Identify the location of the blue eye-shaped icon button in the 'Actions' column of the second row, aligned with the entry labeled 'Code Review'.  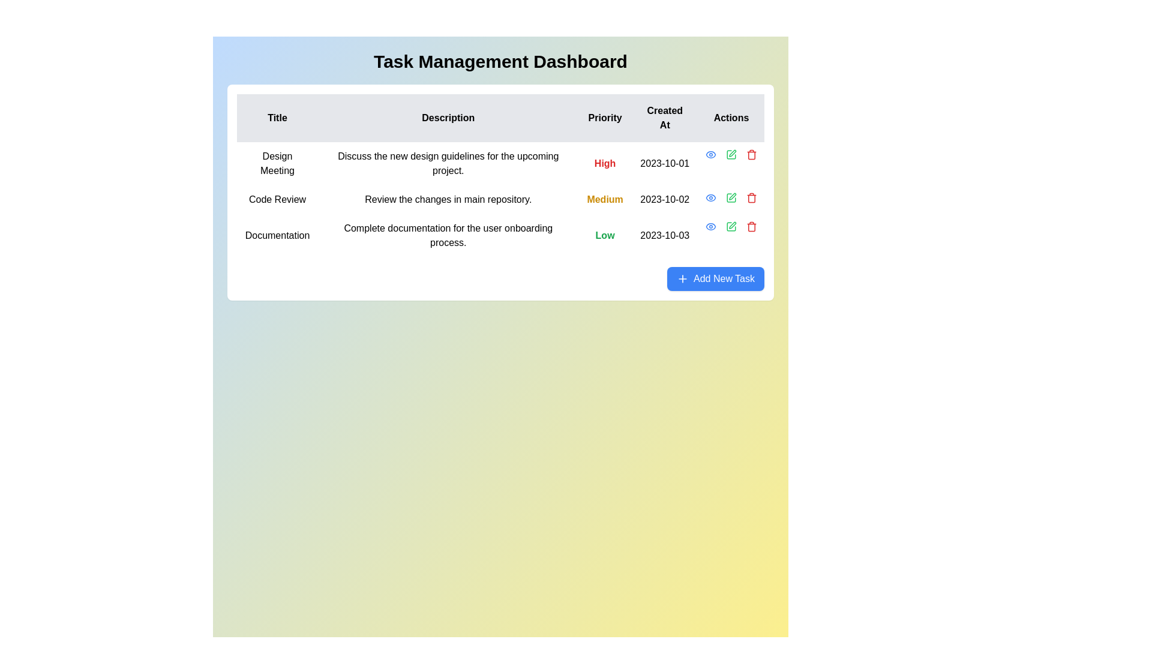
(711, 154).